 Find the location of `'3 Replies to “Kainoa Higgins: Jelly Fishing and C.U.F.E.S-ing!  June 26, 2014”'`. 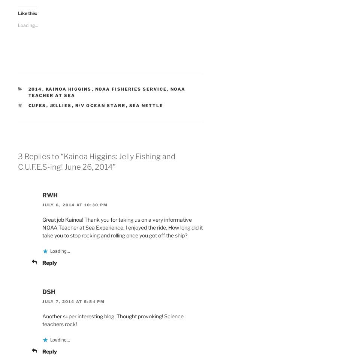

'3 Replies to “Kainoa Higgins: Jelly Fishing and C.U.F.E.S-ing!  June 26, 2014”' is located at coordinates (18, 161).